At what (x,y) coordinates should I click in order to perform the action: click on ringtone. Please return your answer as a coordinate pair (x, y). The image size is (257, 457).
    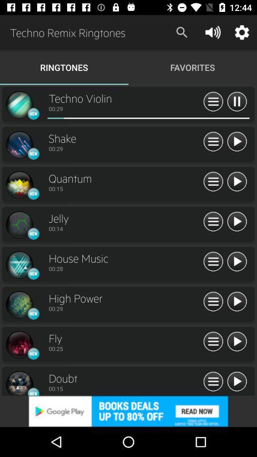
    Looking at the image, I should click on (236, 262).